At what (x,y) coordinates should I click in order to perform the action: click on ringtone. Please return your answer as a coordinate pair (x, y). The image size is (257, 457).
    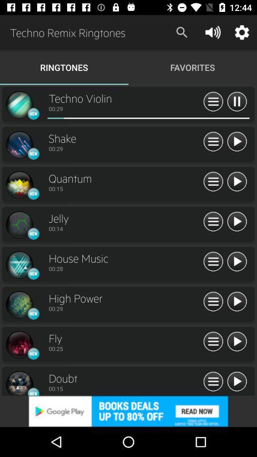
    Looking at the image, I should click on (236, 262).